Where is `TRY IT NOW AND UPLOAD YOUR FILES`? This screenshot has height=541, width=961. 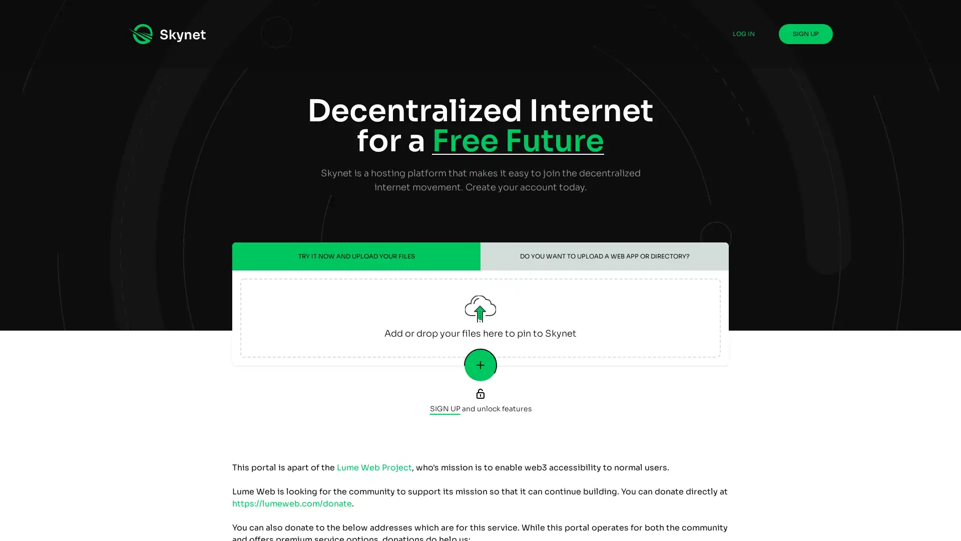 TRY IT NOW AND UPLOAD YOUR FILES is located at coordinates (356, 256).